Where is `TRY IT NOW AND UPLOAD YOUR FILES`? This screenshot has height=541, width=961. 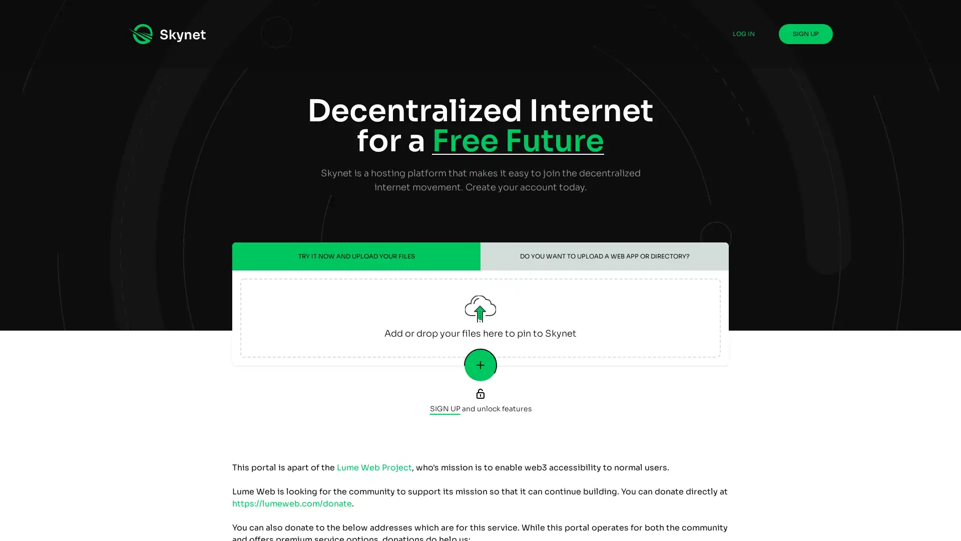 TRY IT NOW AND UPLOAD YOUR FILES is located at coordinates (356, 256).